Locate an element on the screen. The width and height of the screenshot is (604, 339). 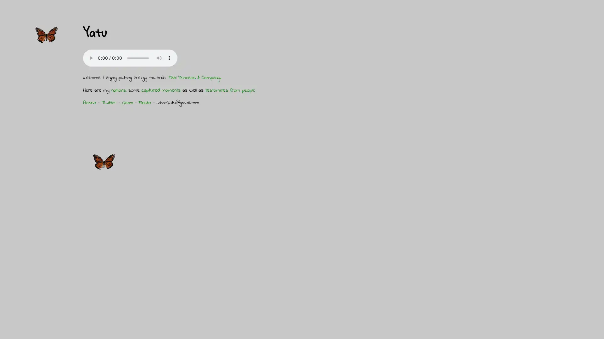
mute is located at coordinates (159, 58).